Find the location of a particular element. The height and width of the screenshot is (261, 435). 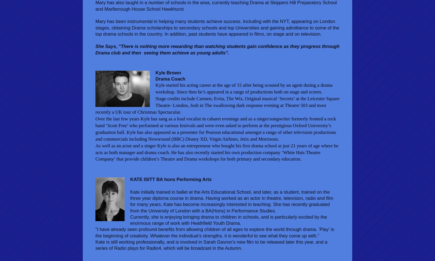

'KATE ISITT BA hons Performing Arts' is located at coordinates (171, 179).